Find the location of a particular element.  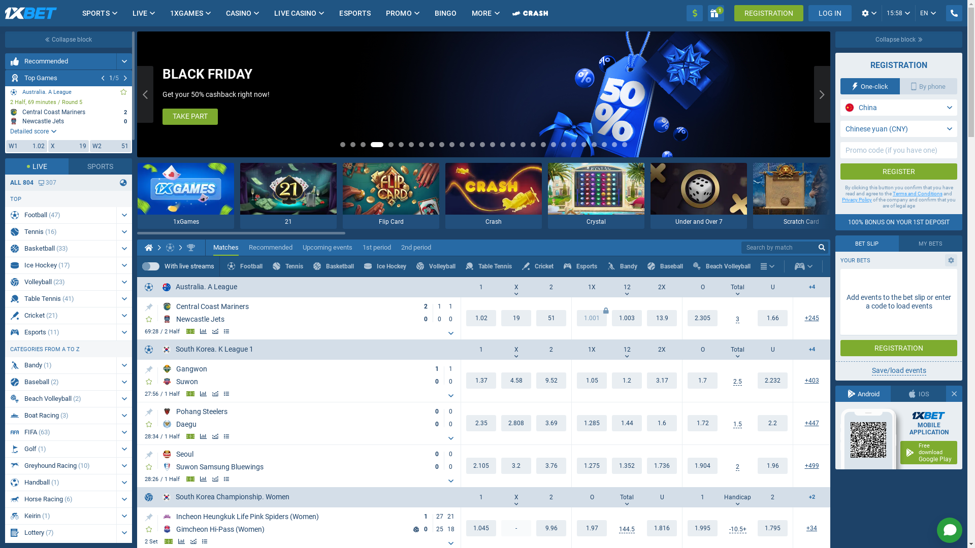

'+4' is located at coordinates (811, 287).